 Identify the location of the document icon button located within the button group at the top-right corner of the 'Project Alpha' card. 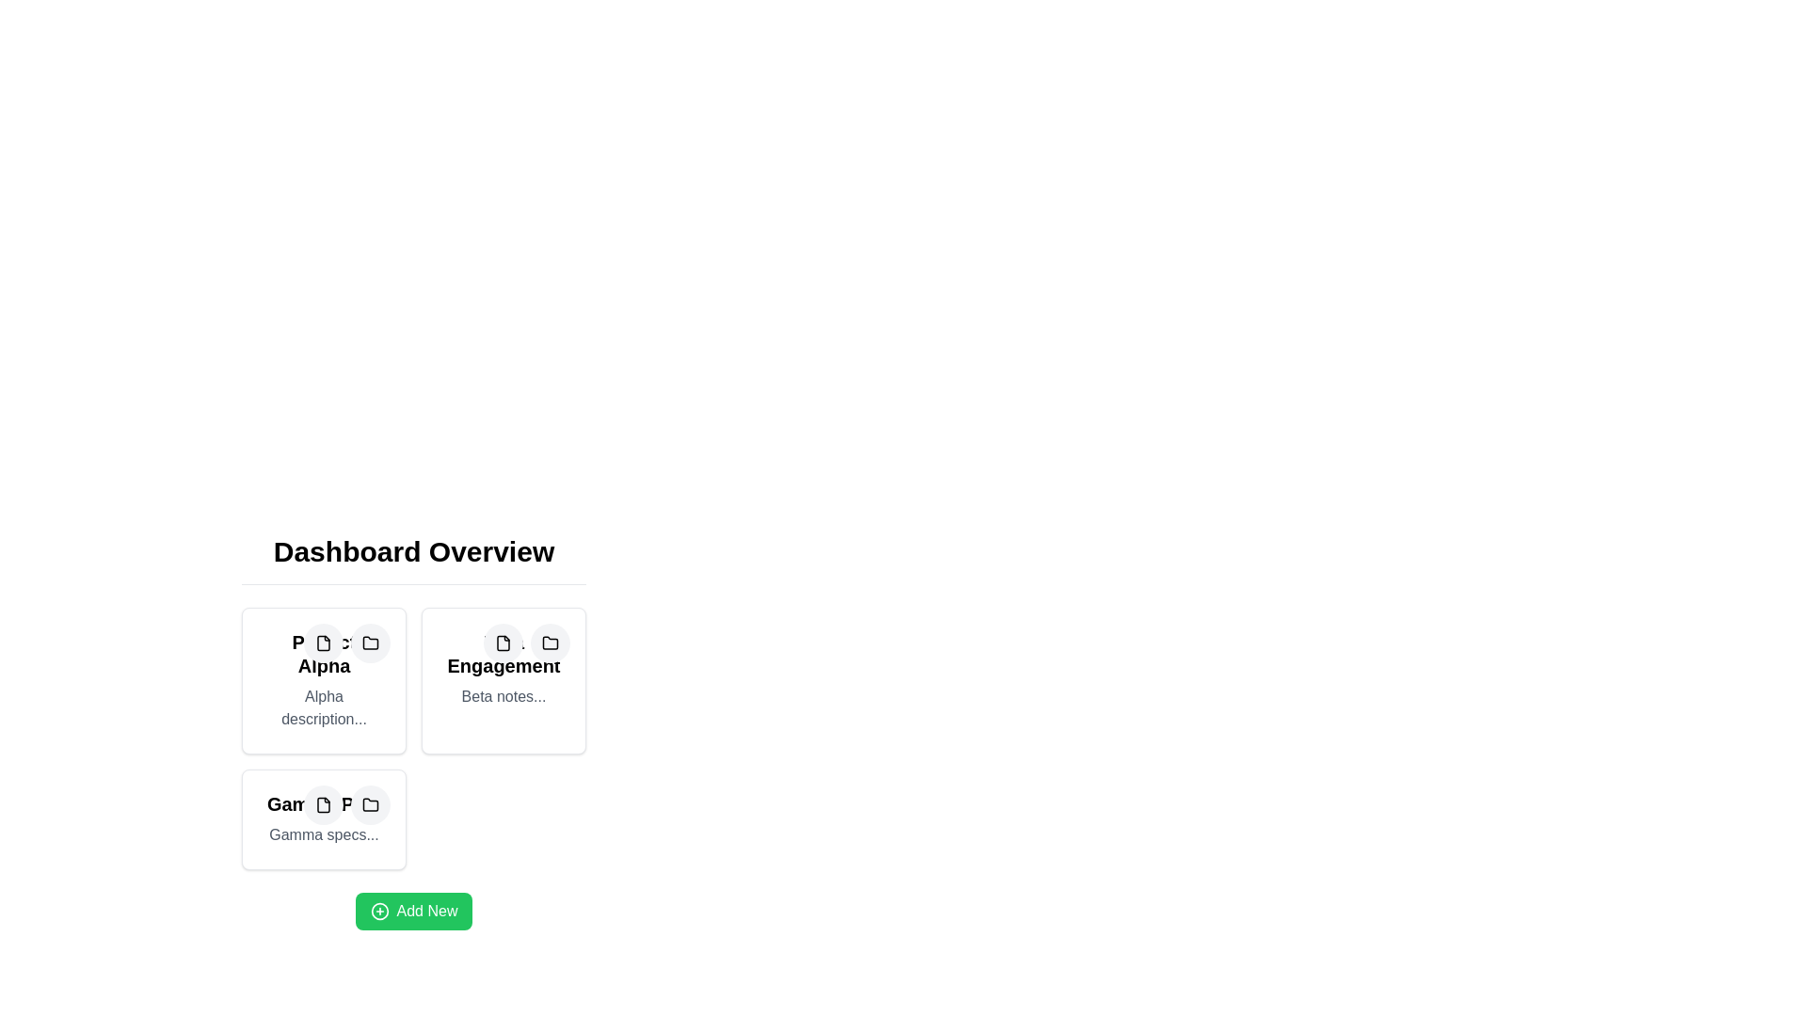
(347, 642).